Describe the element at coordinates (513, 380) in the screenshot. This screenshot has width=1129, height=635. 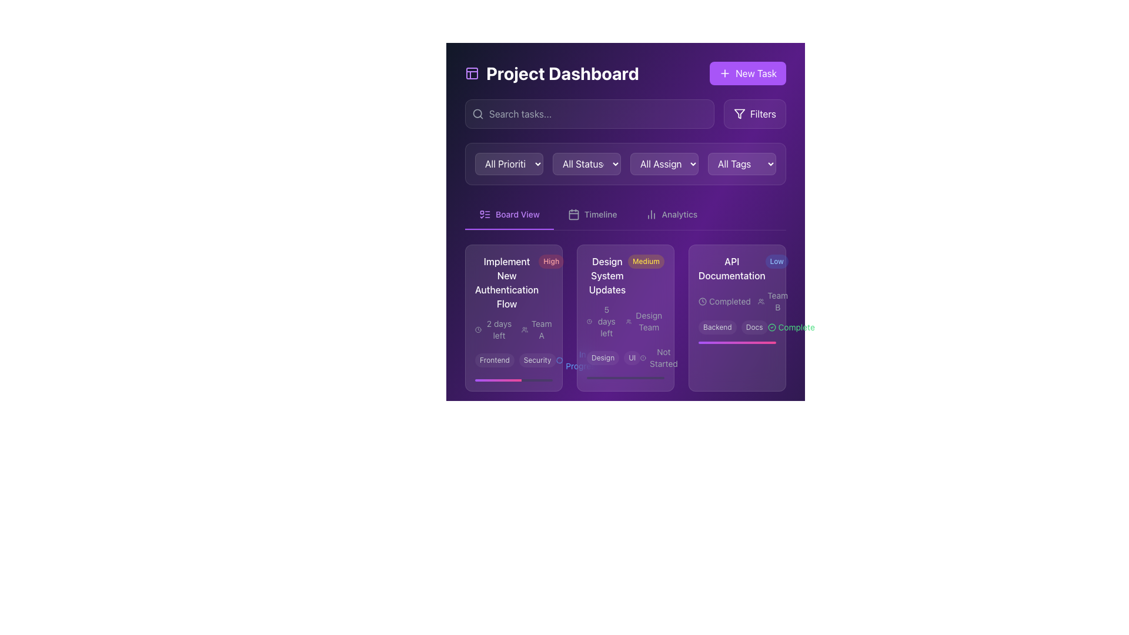
I see `the distinct horizontal progress bar with a gradient fill located beneath the 'Frontend Security' label in the 'Implement New Authentication Flow' card on the Project Dashboard` at that location.